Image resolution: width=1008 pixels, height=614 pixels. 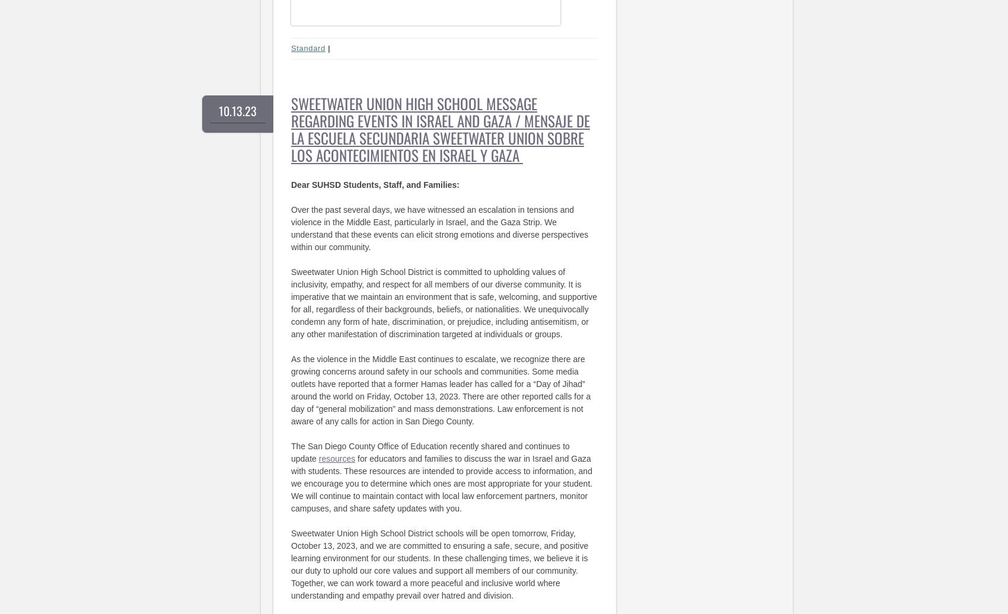 What do you see at coordinates (328, 48) in the screenshot?
I see `'|'` at bounding box center [328, 48].